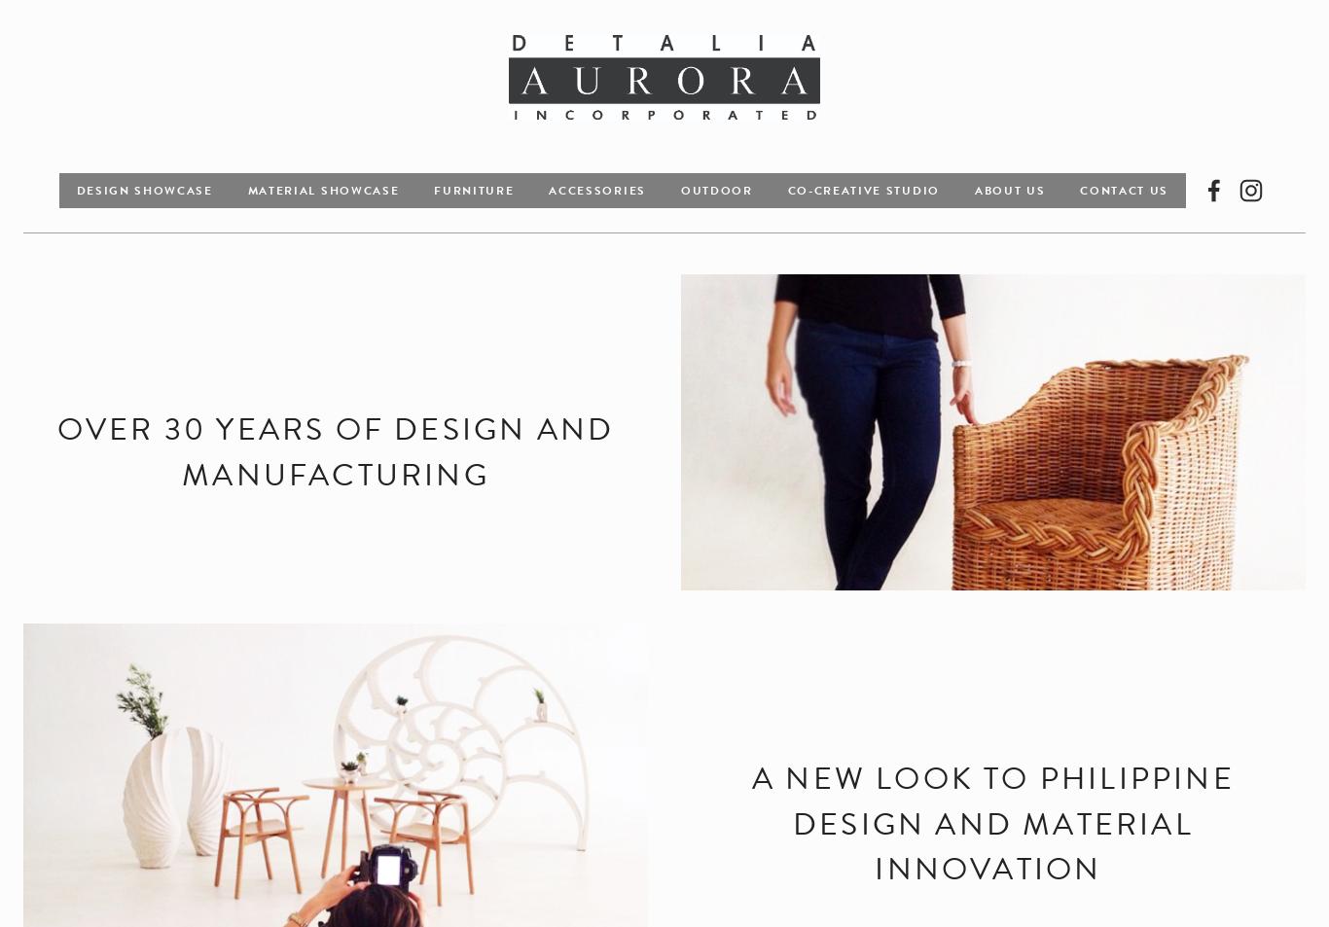  What do you see at coordinates (1079, 188) in the screenshot?
I see `'Contact Us'` at bounding box center [1079, 188].